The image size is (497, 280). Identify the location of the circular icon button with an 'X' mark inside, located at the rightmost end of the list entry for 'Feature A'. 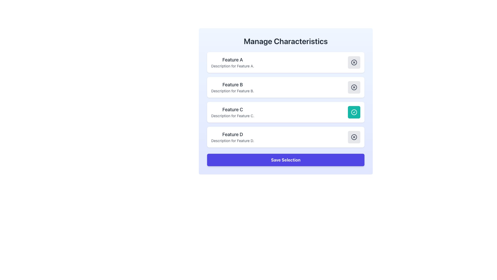
(354, 62).